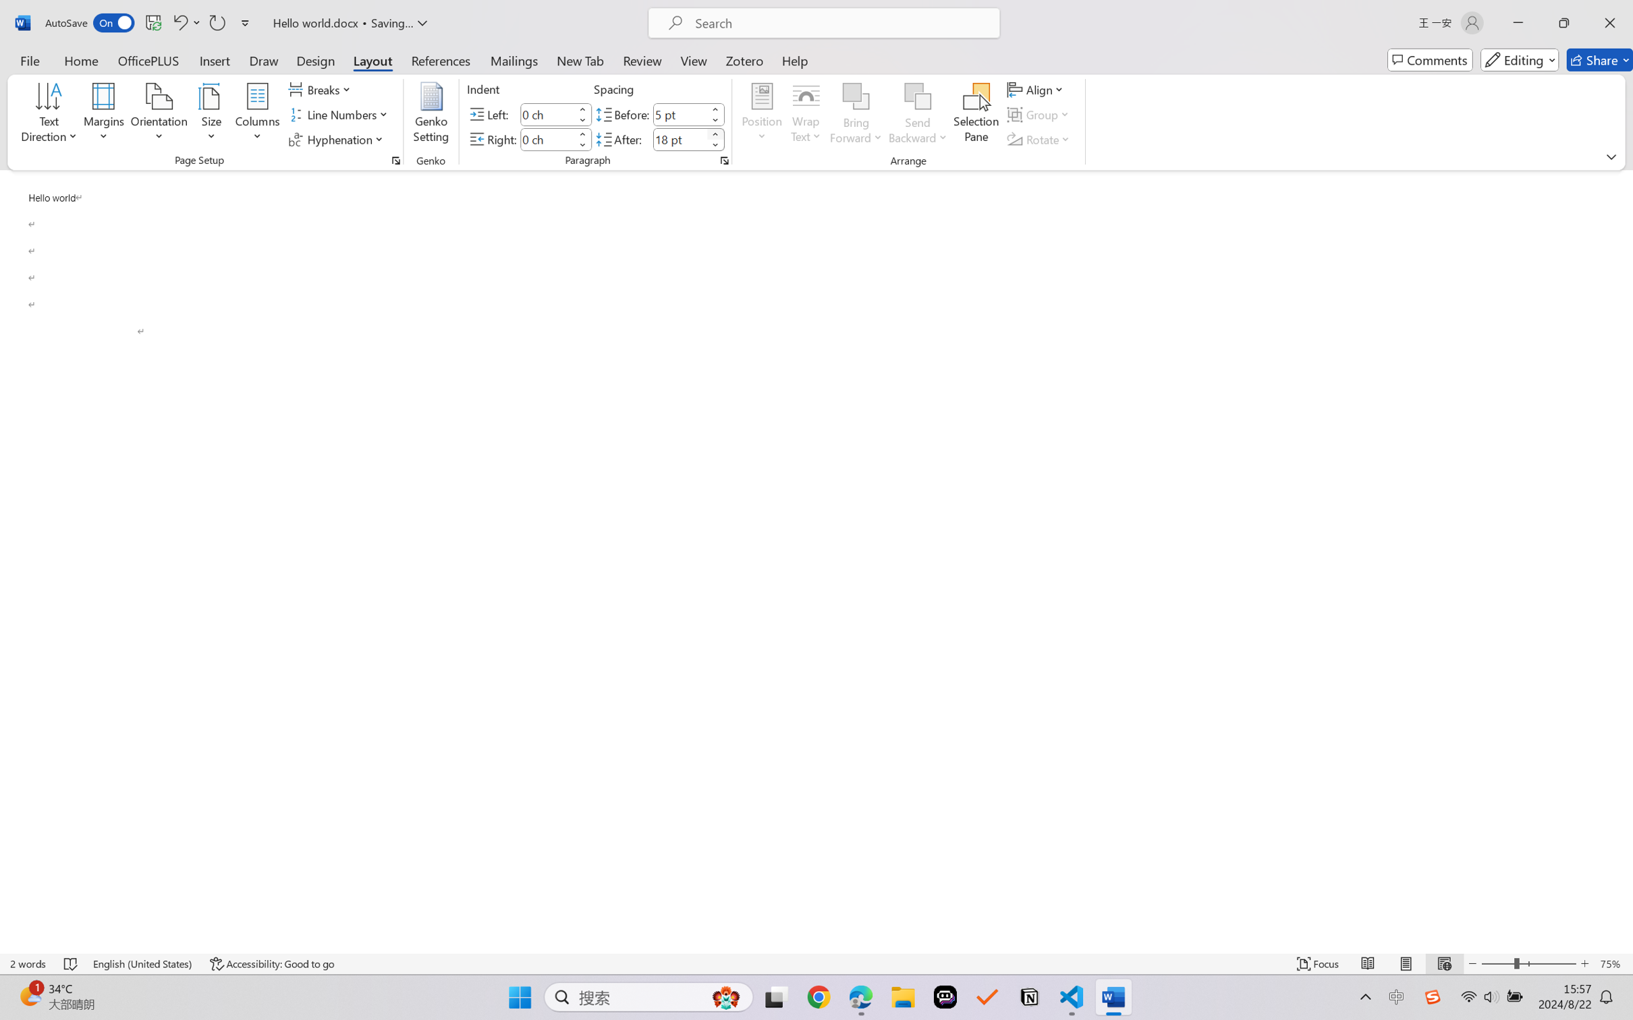 This screenshot has width=1633, height=1020. What do you see at coordinates (71, 963) in the screenshot?
I see `'Spelling and Grammar Check No Errors'` at bounding box center [71, 963].